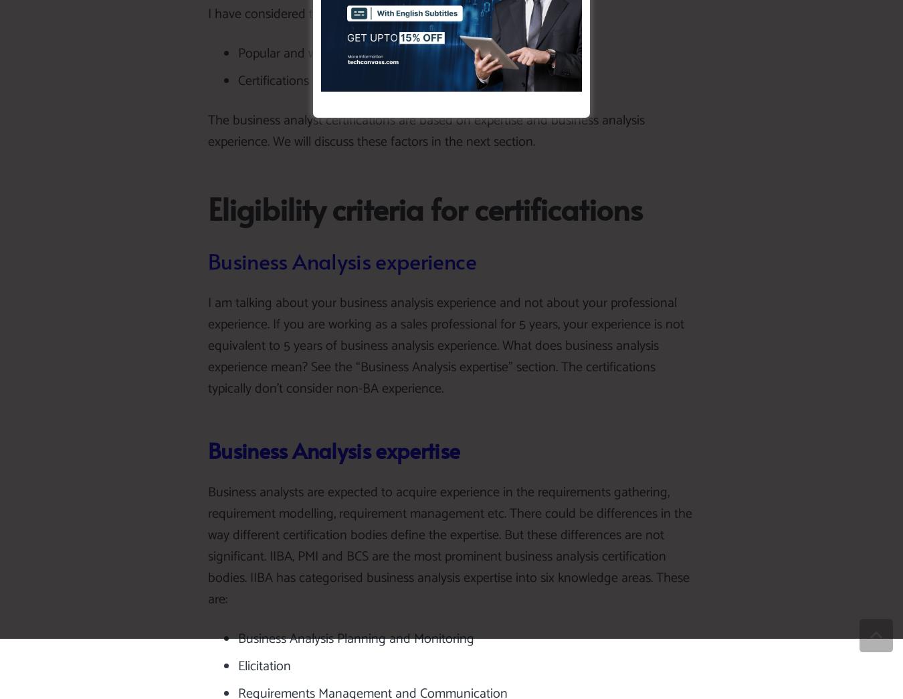 Image resolution: width=903 pixels, height=699 pixels. Describe the element at coordinates (207, 545) in the screenshot. I see `'Business analysts are expected to acquire experience in the requirements gathering, requirement modelling, requirement management etc. There could be differences in the way different certification bodies define the expertise. But these differences are not significant. IIBA, PMI and BCS are the most prominent business analysis certification bodies. IIBA has categorised business analysis expertise into six knowledge areas. These are:'` at that location.